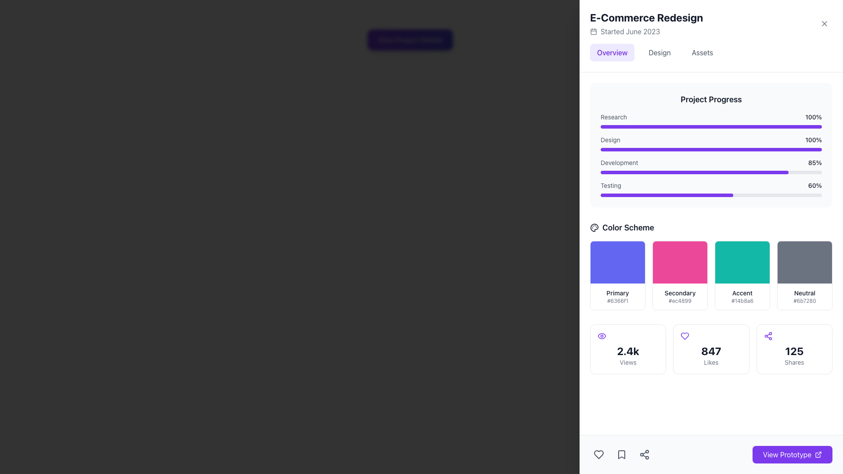  I want to click on the third tab in the E-Commerce Redesign section, so click(711, 52).